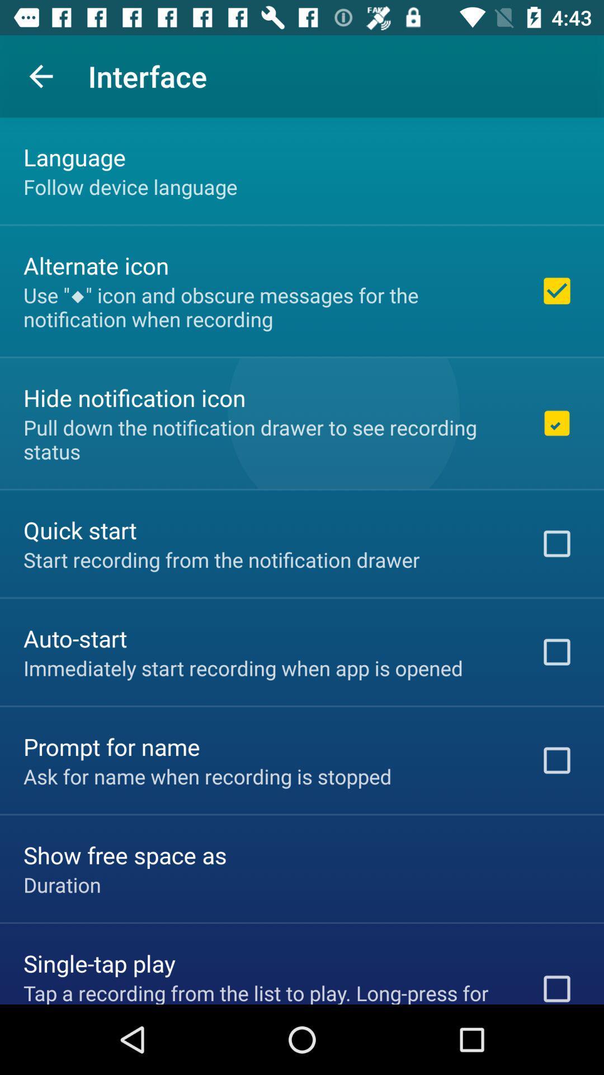 This screenshot has height=1075, width=604. Describe the element at coordinates (130, 186) in the screenshot. I see `the follow device language item` at that location.